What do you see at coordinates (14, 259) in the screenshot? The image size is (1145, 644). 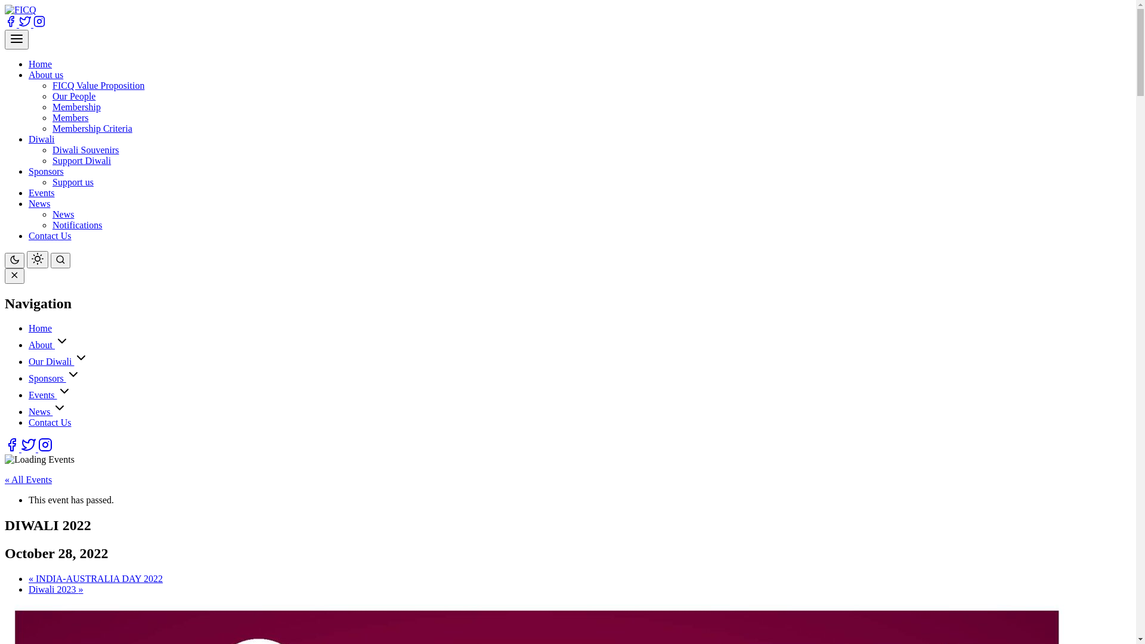 I see `'Toggle Darkmode'` at bounding box center [14, 259].